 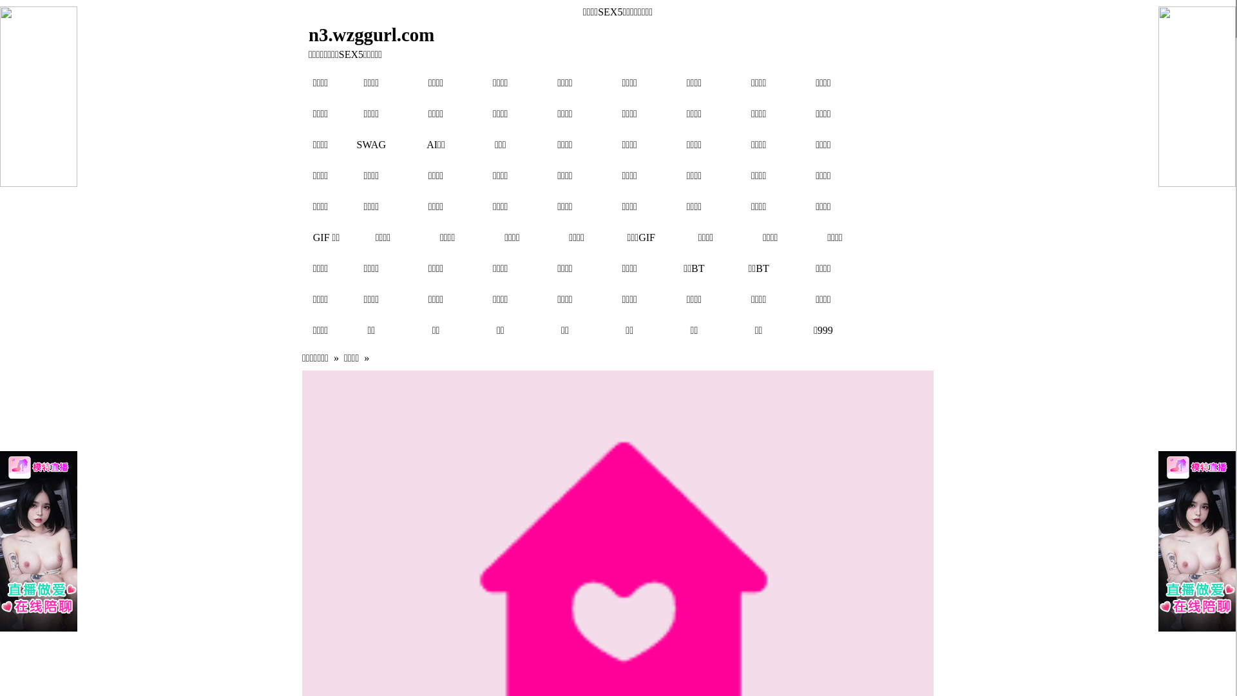 What do you see at coordinates (370, 144) in the screenshot?
I see `'SWAG'` at bounding box center [370, 144].